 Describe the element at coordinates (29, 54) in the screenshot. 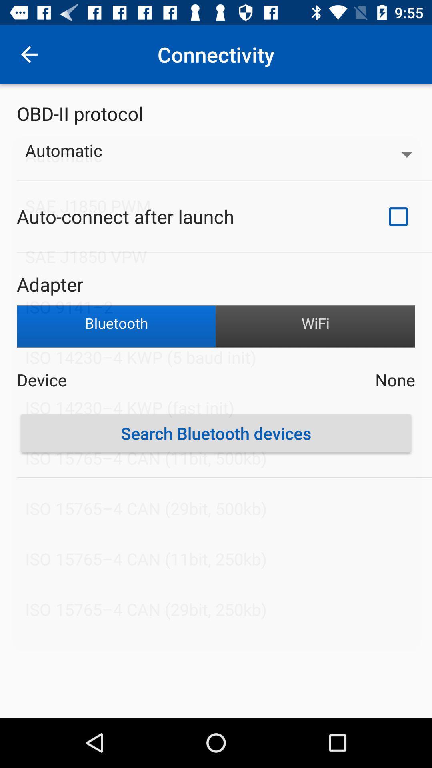

I see `item at the top left corner` at that location.